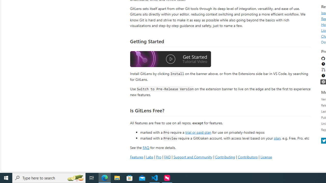 The height and width of the screenshot is (183, 326). Describe the element at coordinates (225, 157) in the screenshot. I see `'Contributing'` at that location.